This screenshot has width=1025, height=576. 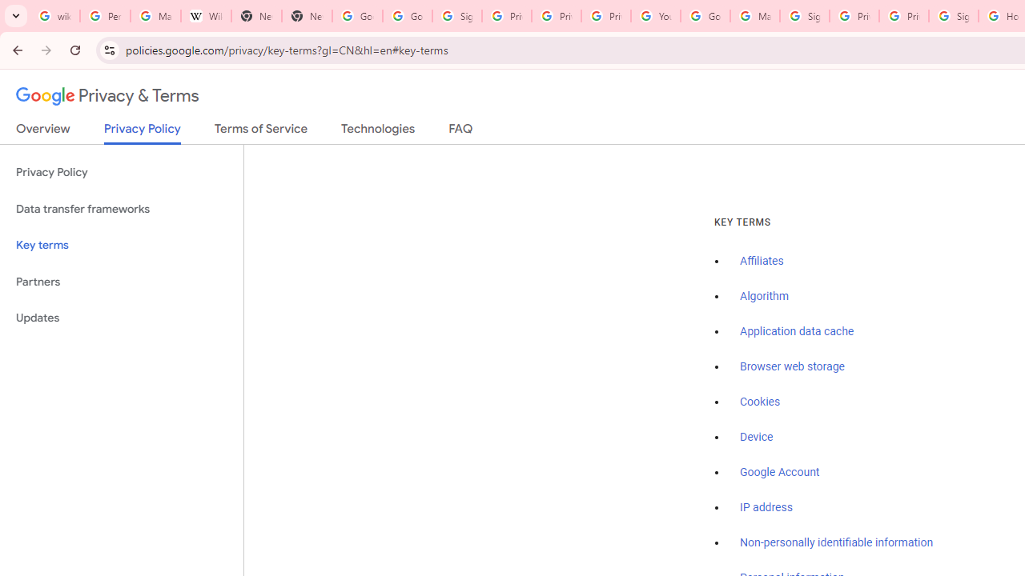 I want to click on 'IP address', so click(x=765, y=507).